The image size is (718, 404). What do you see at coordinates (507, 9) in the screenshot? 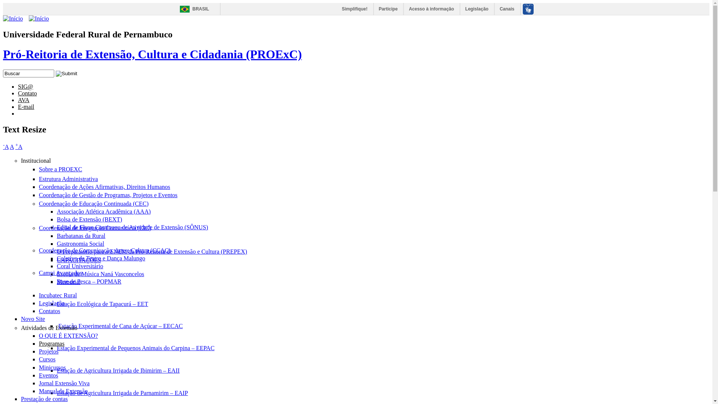
I see `'Canais'` at bounding box center [507, 9].